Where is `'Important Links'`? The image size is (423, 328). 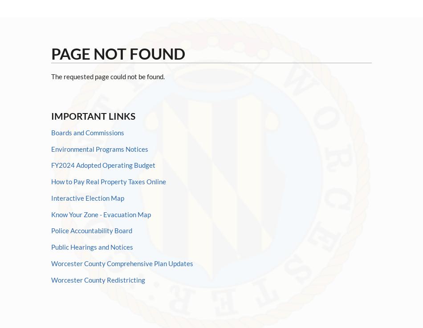
'Important Links' is located at coordinates (93, 115).